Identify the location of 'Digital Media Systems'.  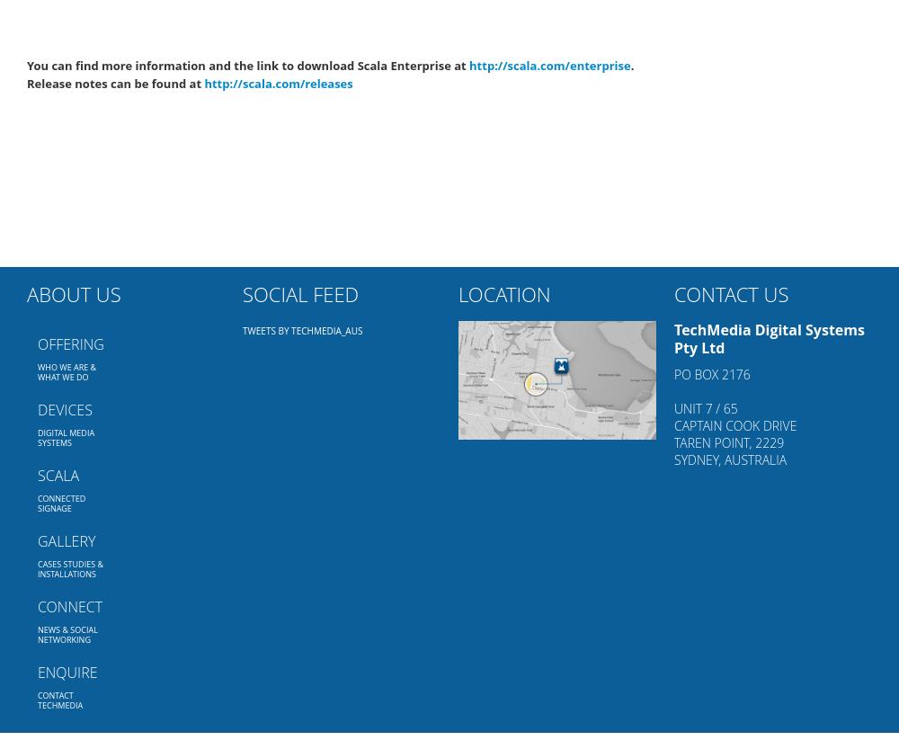
(38, 437).